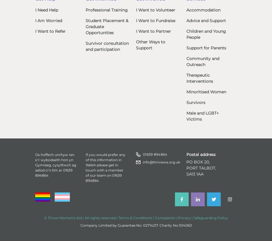  Describe the element at coordinates (184, 217) in the screenshot. I see `'Privacy'` at that location.